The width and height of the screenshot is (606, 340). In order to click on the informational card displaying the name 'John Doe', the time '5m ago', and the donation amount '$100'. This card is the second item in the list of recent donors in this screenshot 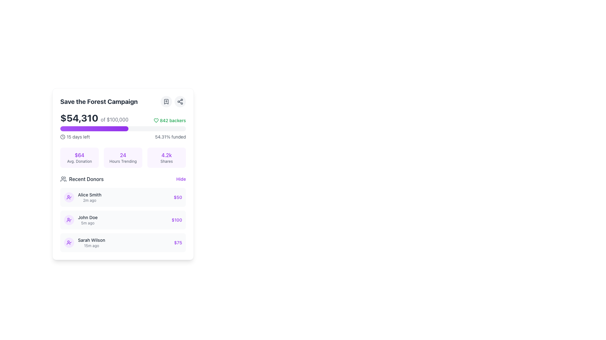, I will do `click(123, 219)`.